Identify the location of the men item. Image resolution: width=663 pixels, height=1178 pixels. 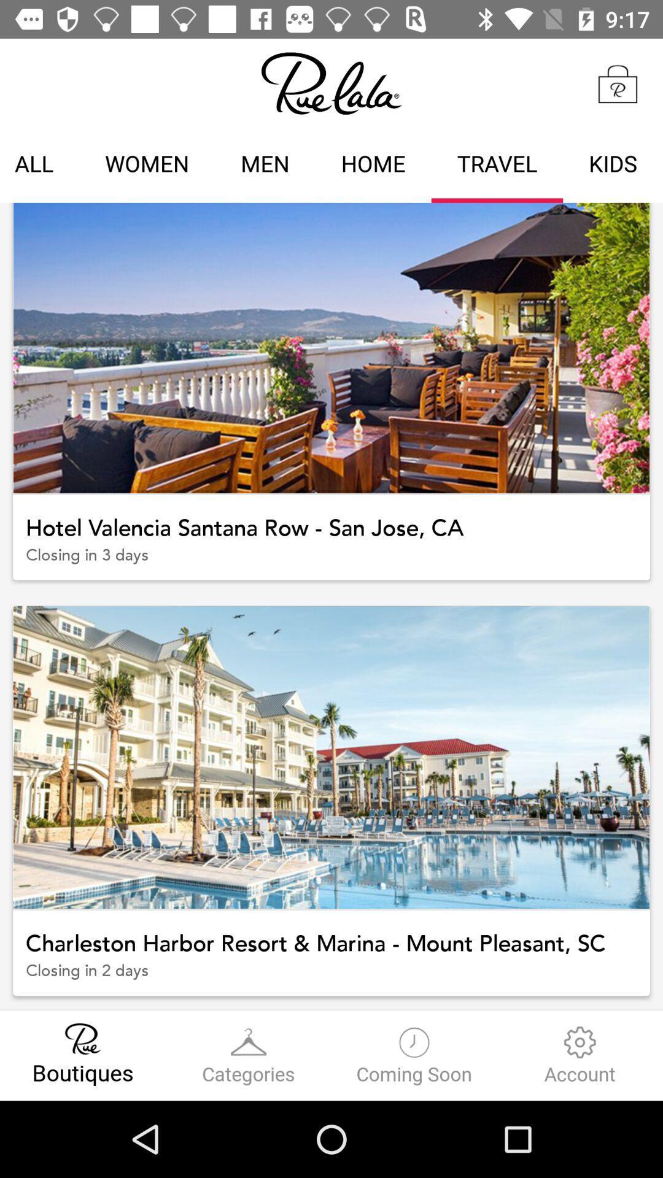
(265, 165).